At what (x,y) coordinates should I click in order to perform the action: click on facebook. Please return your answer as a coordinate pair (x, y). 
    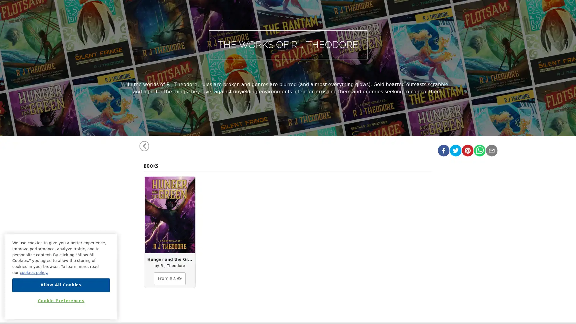
    Looking at the image, I should click on (443, 150).